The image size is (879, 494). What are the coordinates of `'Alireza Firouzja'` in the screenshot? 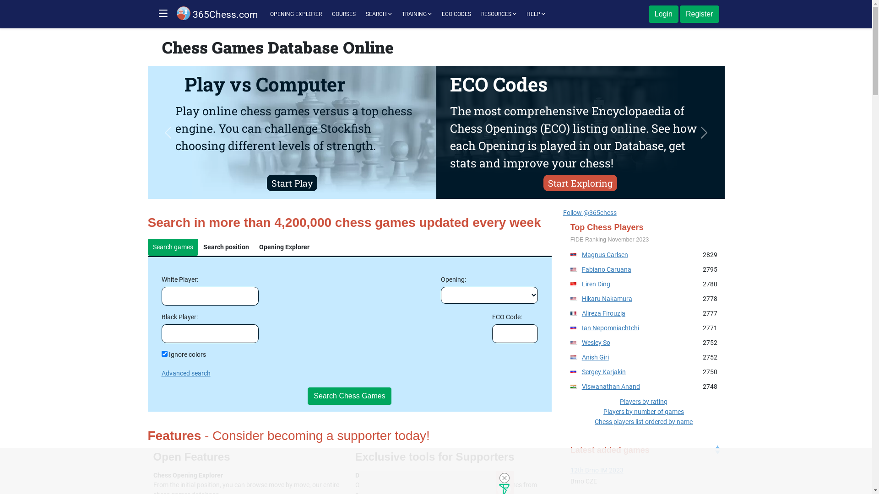 It's located at (581, 313).